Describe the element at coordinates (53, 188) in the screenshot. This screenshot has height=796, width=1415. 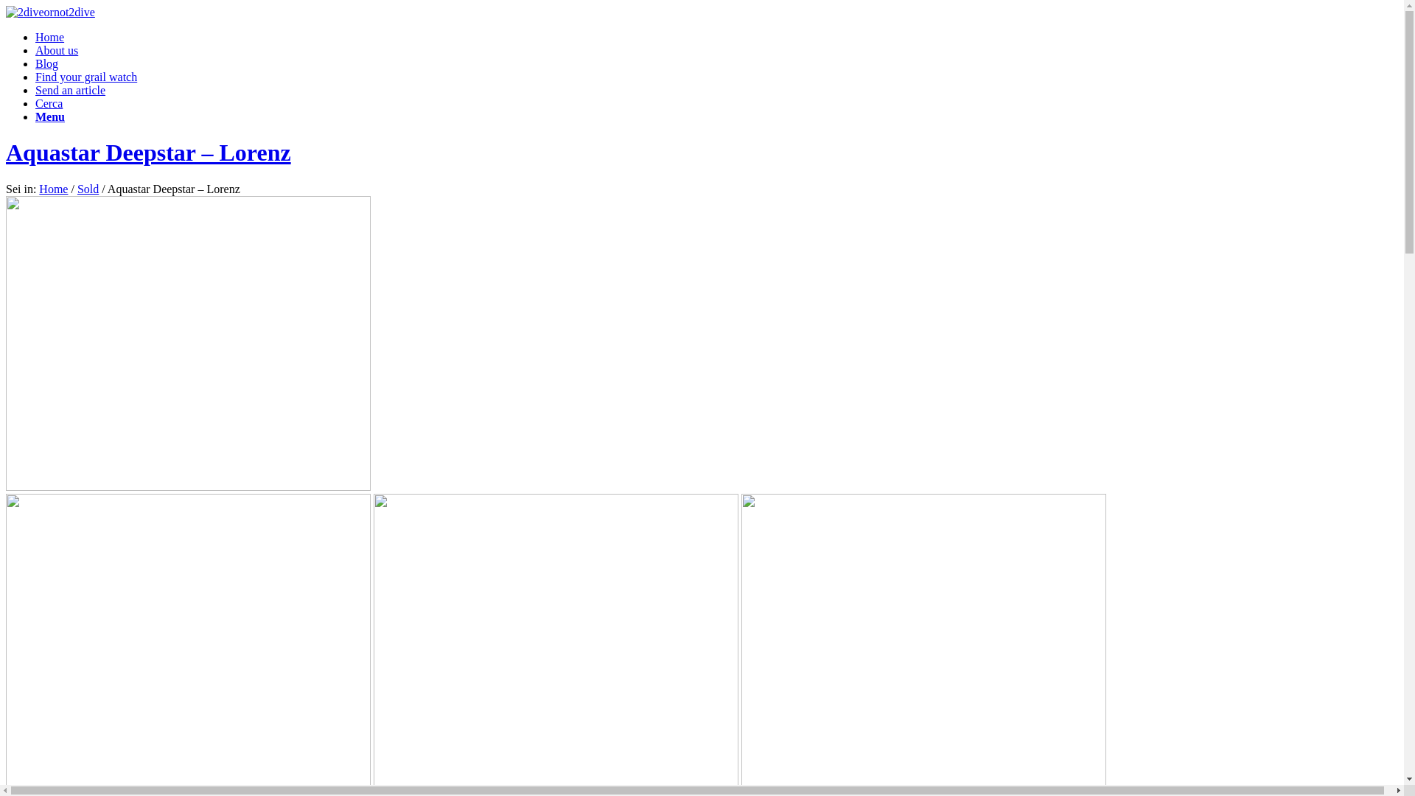
I see `'Home'` at that location.